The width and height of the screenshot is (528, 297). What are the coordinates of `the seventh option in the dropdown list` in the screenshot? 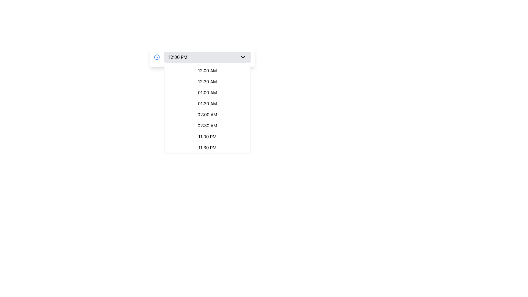 It's located at (207, 136).